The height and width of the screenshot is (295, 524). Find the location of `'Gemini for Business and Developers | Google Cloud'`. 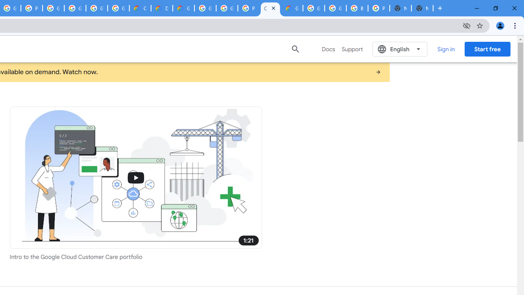

'Gemini for Business and Developers | Google Cloud' is located at coordinates (183, 8).